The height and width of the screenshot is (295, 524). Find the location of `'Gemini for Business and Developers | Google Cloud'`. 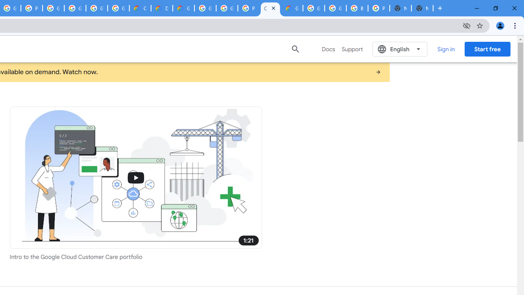

'Gemini for Business and Developers | Google Cloud' is located at coordinates (183, 8).